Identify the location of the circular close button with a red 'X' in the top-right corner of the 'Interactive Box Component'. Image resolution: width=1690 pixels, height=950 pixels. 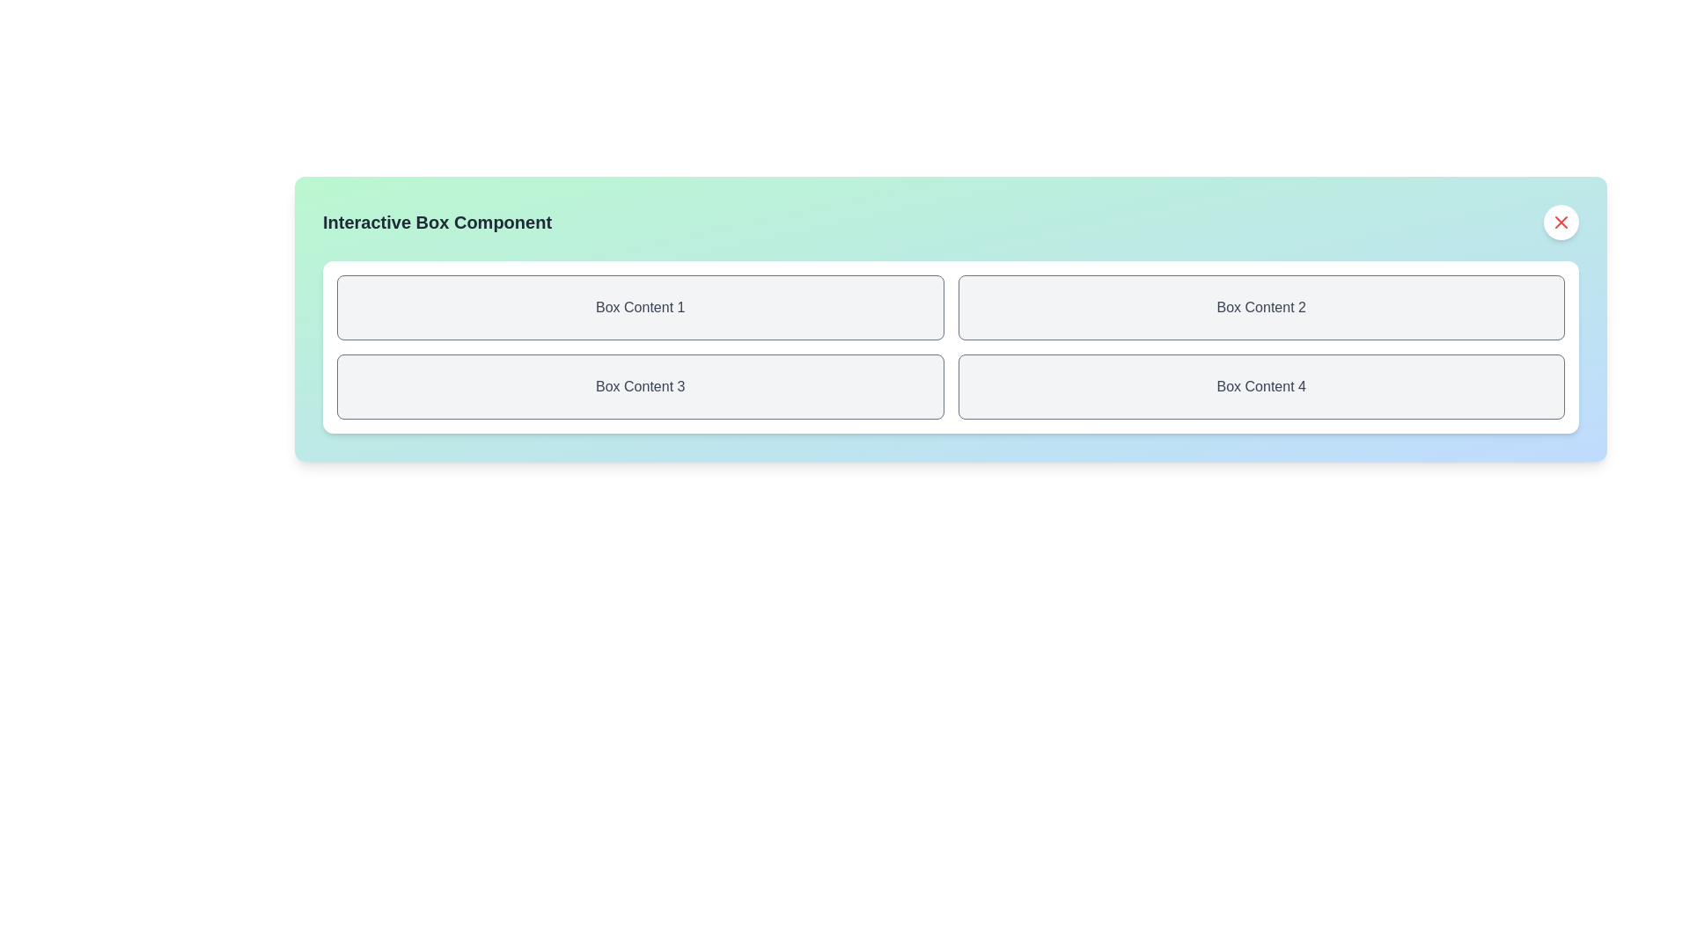
(1561, 222).